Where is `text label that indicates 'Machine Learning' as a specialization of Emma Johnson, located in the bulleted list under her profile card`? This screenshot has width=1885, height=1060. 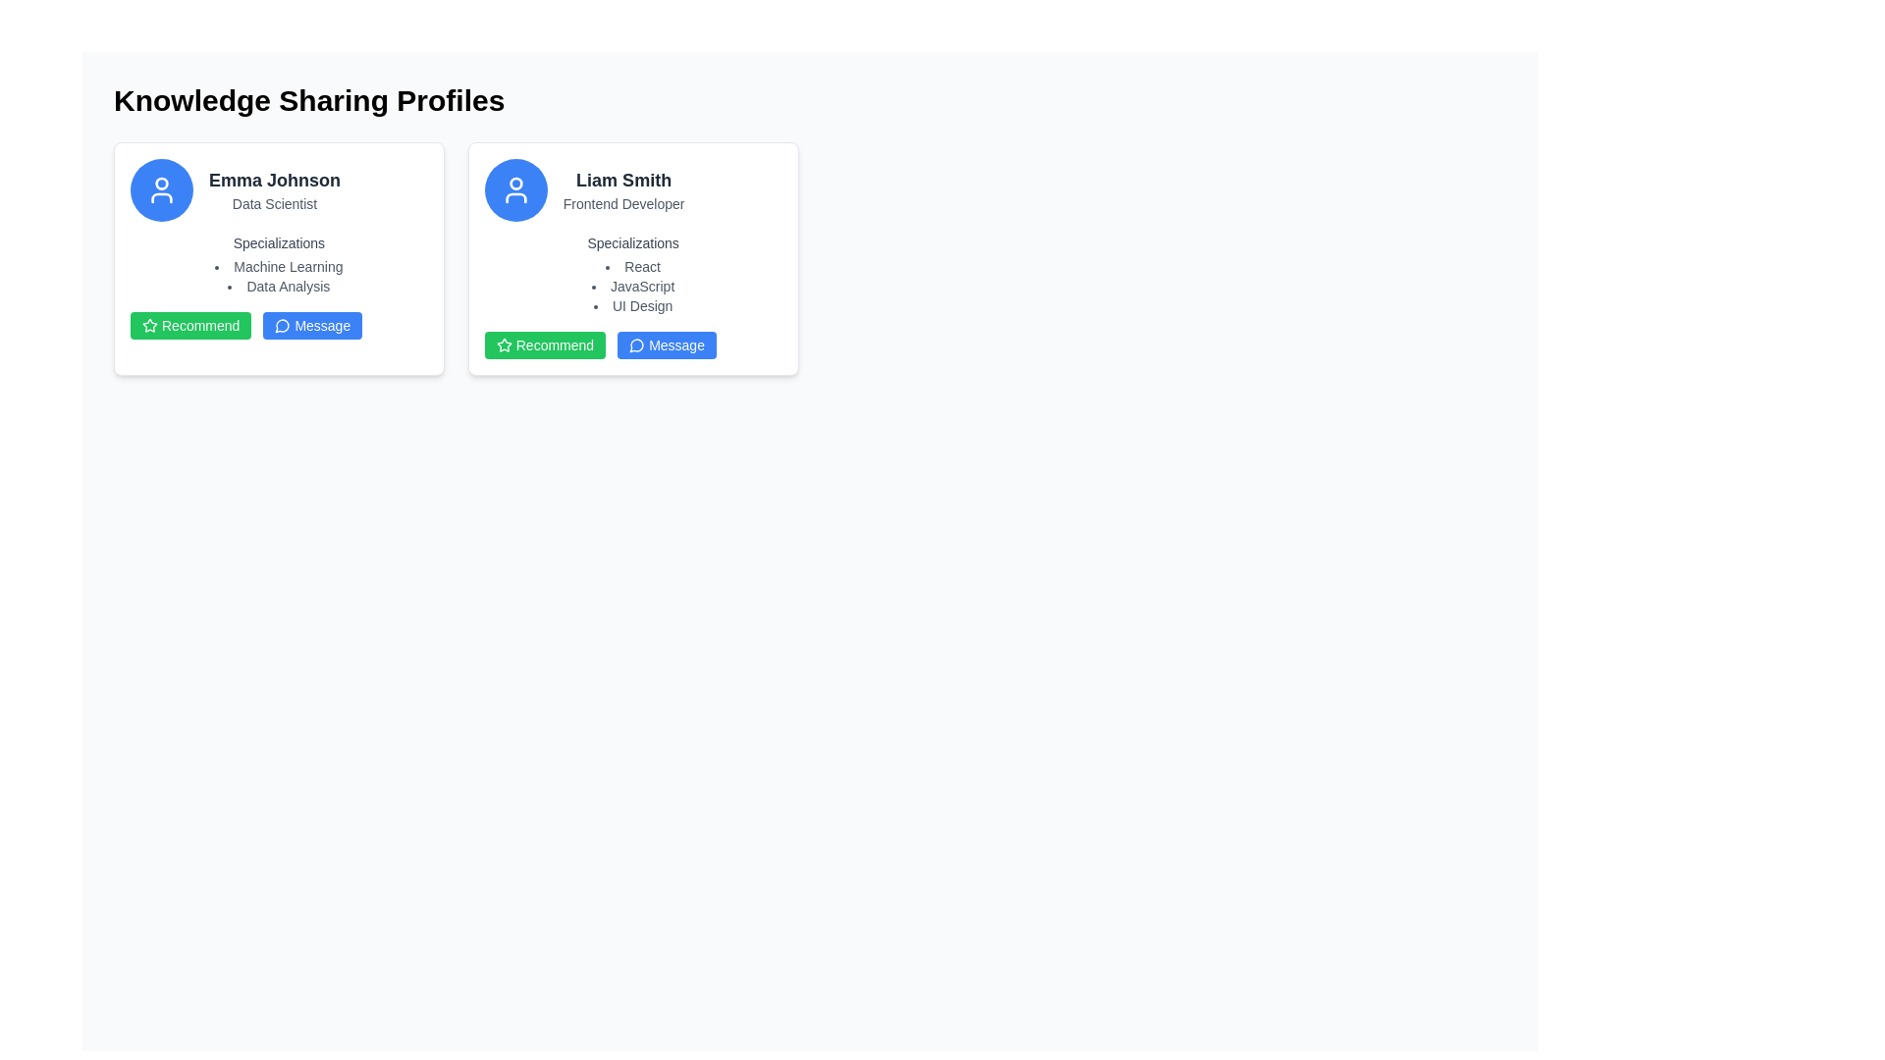 text label that indicates 'Machine Learning' as a specialization of Emma Johnson, located in the bulleted list under her profile card is located at coordinates (278, 267).